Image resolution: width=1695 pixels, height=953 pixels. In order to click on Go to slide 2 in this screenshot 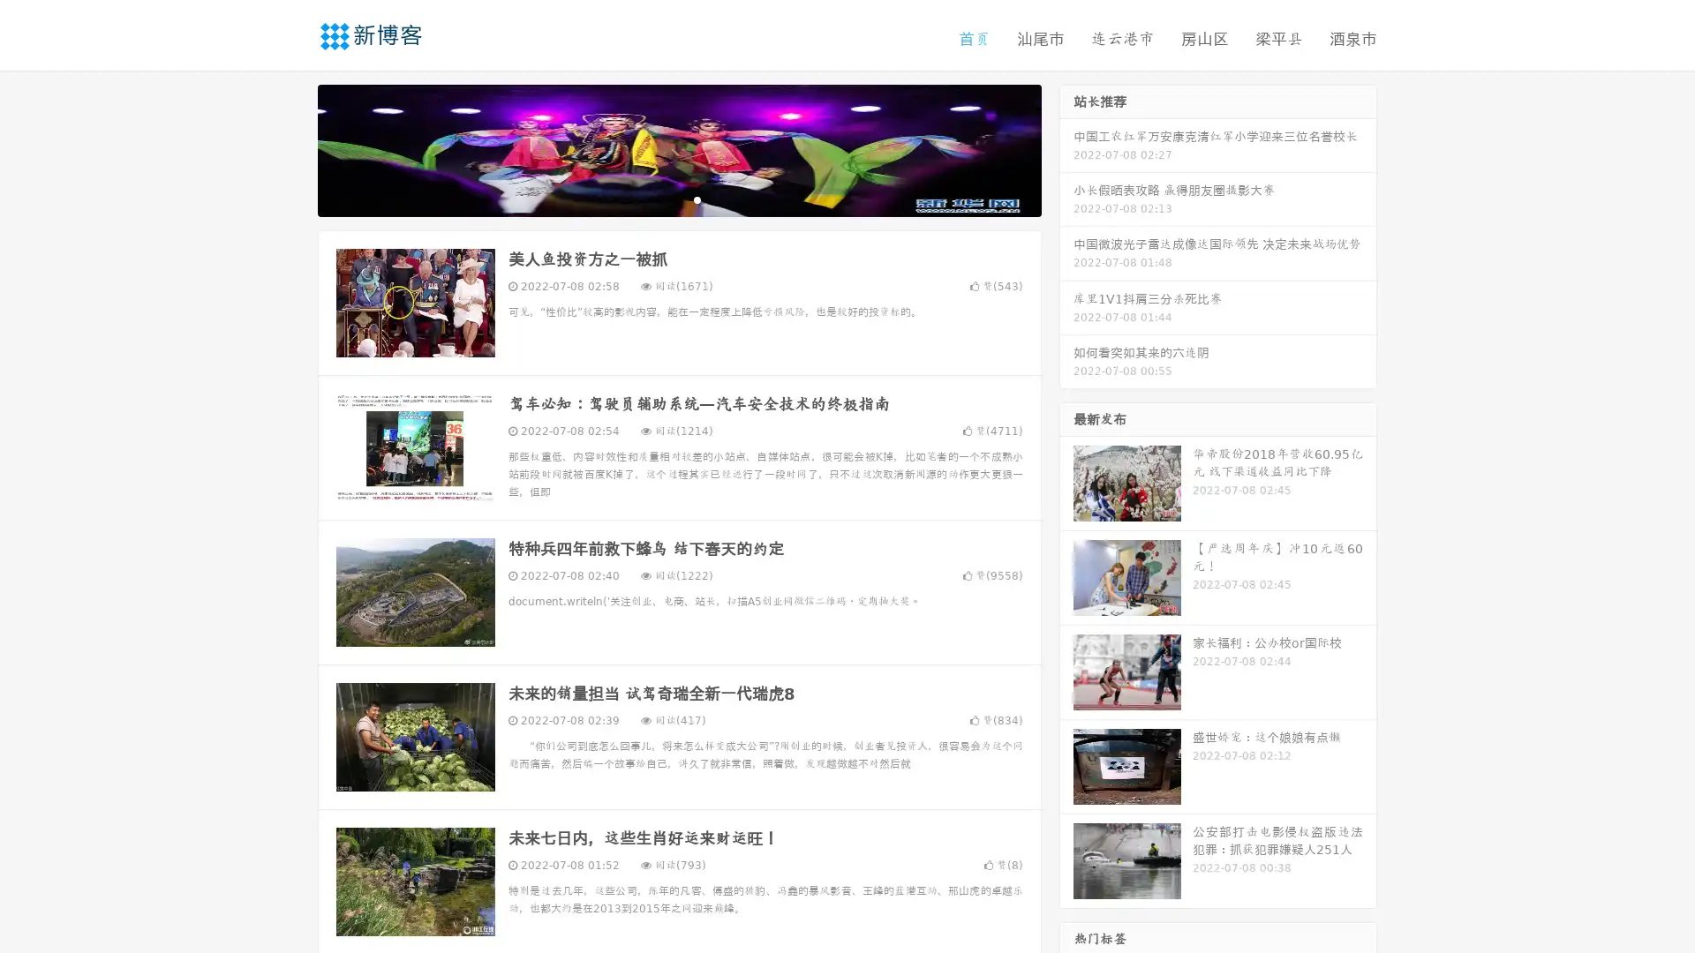, I will do `click(678, 199)`.